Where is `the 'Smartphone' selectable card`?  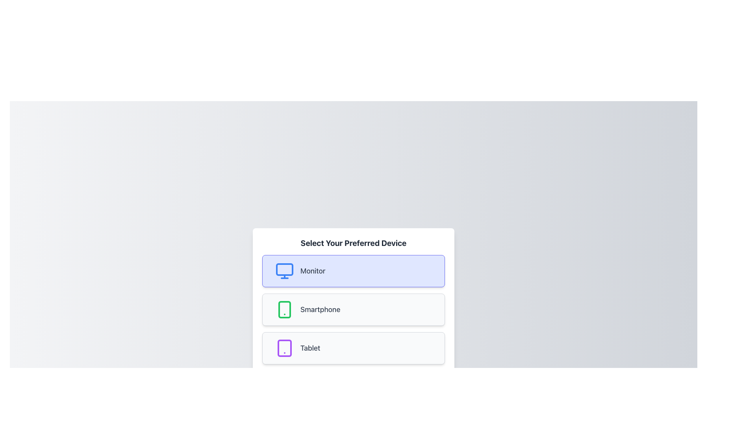 the 'Smartphone' selectable card is located at coordinates (353, 309).